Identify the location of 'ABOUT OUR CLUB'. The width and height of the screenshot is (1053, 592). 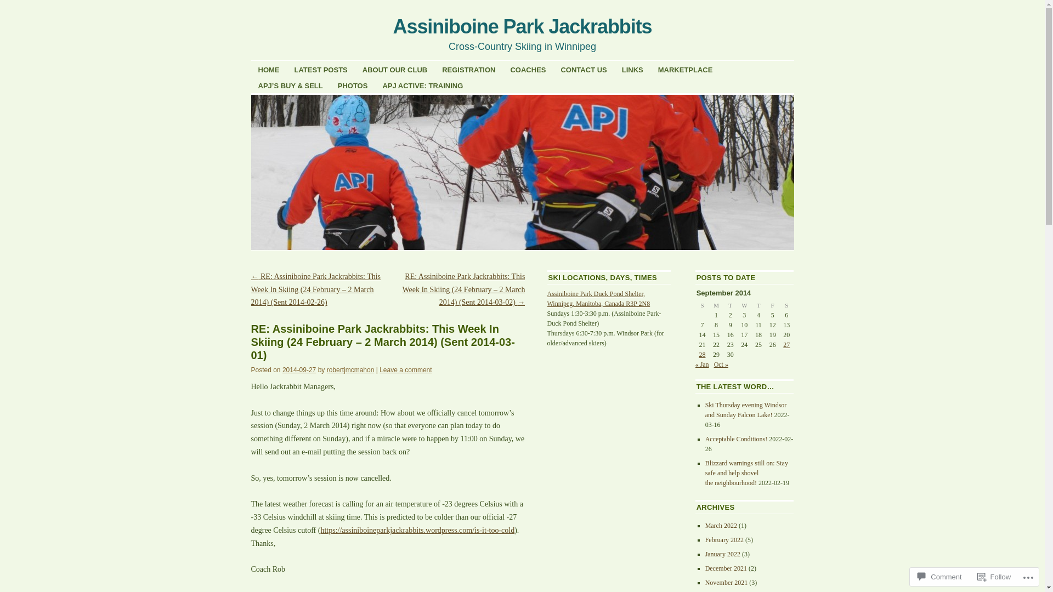
(395, 69).